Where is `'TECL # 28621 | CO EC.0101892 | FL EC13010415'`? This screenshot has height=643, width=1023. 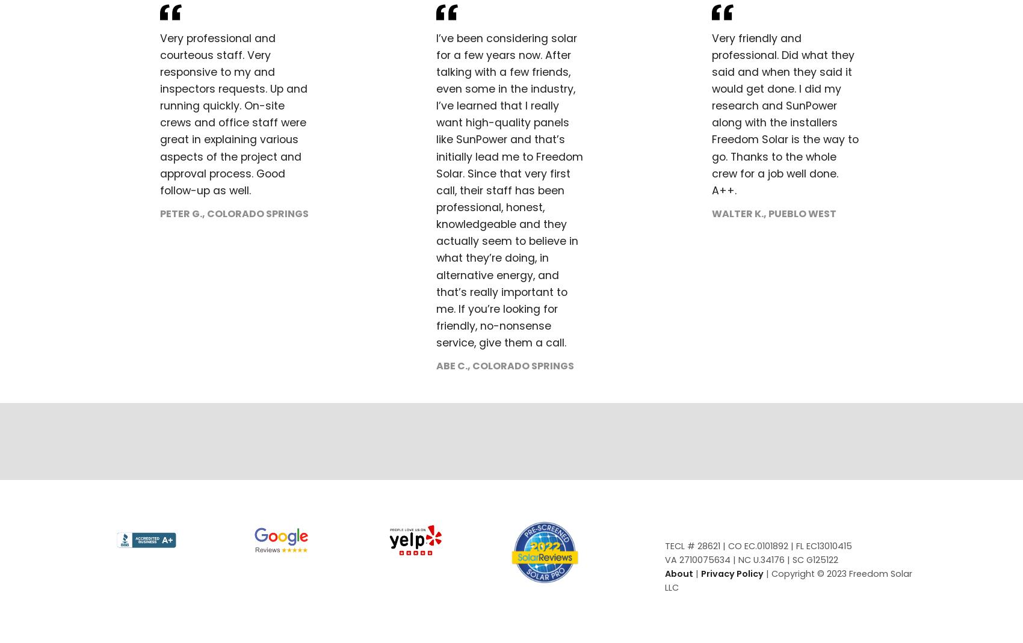 'TECL # 28621 | CO EC.0101892 | FL EC13010415' is located at coordinates (664, 546).